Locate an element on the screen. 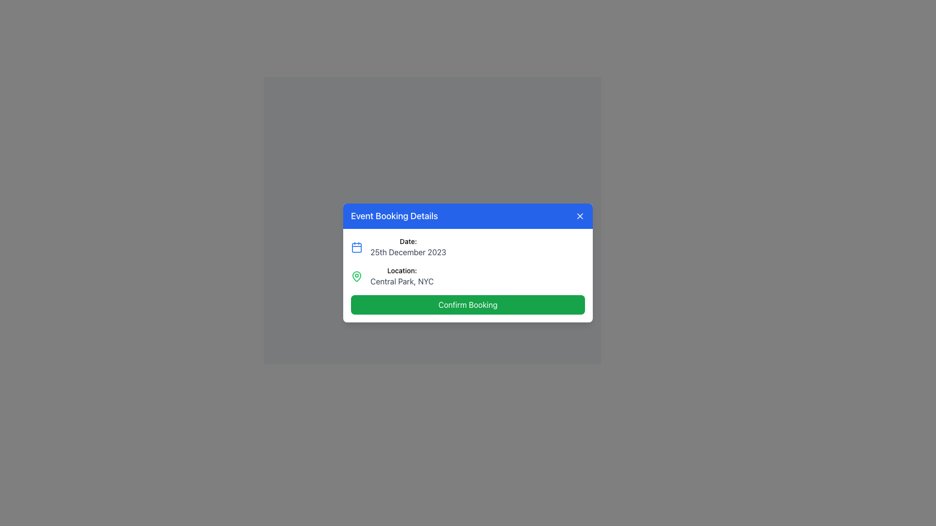  the close button located at the top-right corner of the 'Event Booking Details' modal header is located at coordinates (580, 215).